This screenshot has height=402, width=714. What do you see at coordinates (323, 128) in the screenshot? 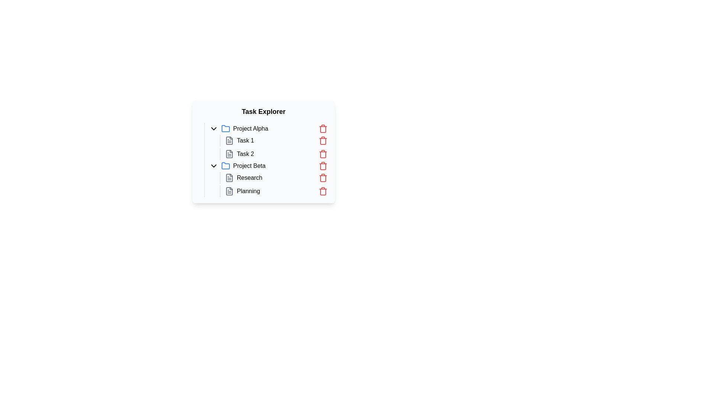
I see `the red trash can icon located at the far-right end of the Project Alpha row in the Task Explorer interface` at bounding box center [323, 128].